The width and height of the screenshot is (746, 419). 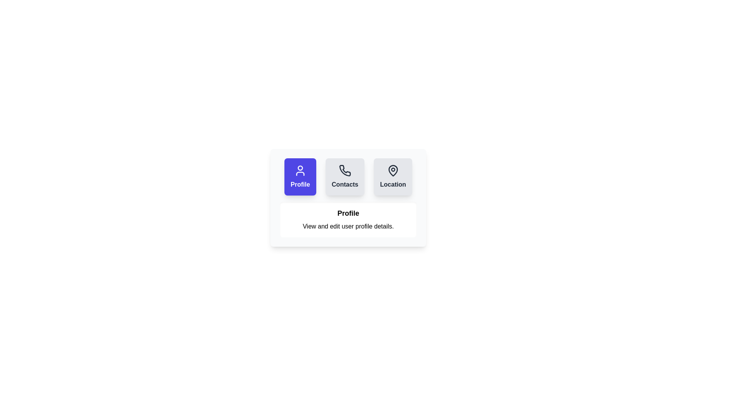 What do you see at coordinates (300, 177) in the screenshot?
I see `the Profile tab to view its content` at bounding box center [300, 177].